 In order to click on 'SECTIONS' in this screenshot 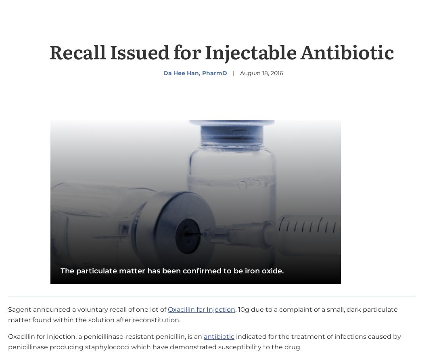, I will do `click(44, 19)`.